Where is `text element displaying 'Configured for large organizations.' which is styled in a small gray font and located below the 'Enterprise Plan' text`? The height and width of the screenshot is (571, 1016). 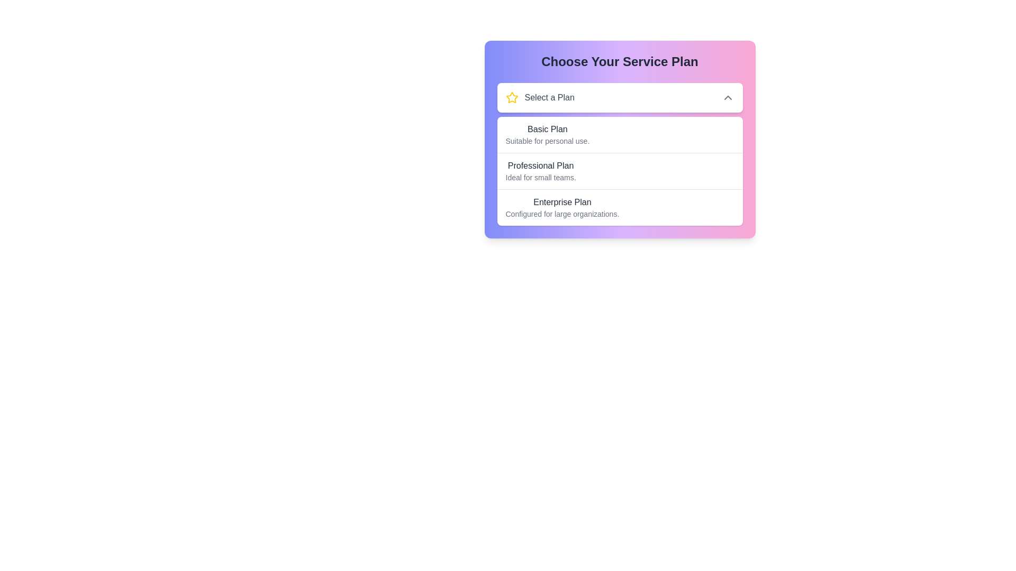
text element displaying 'Configured for large organizations.' which is styled in a small gray font and located below the 'Enterprise Plan' text is located at coordinates (561, 214).